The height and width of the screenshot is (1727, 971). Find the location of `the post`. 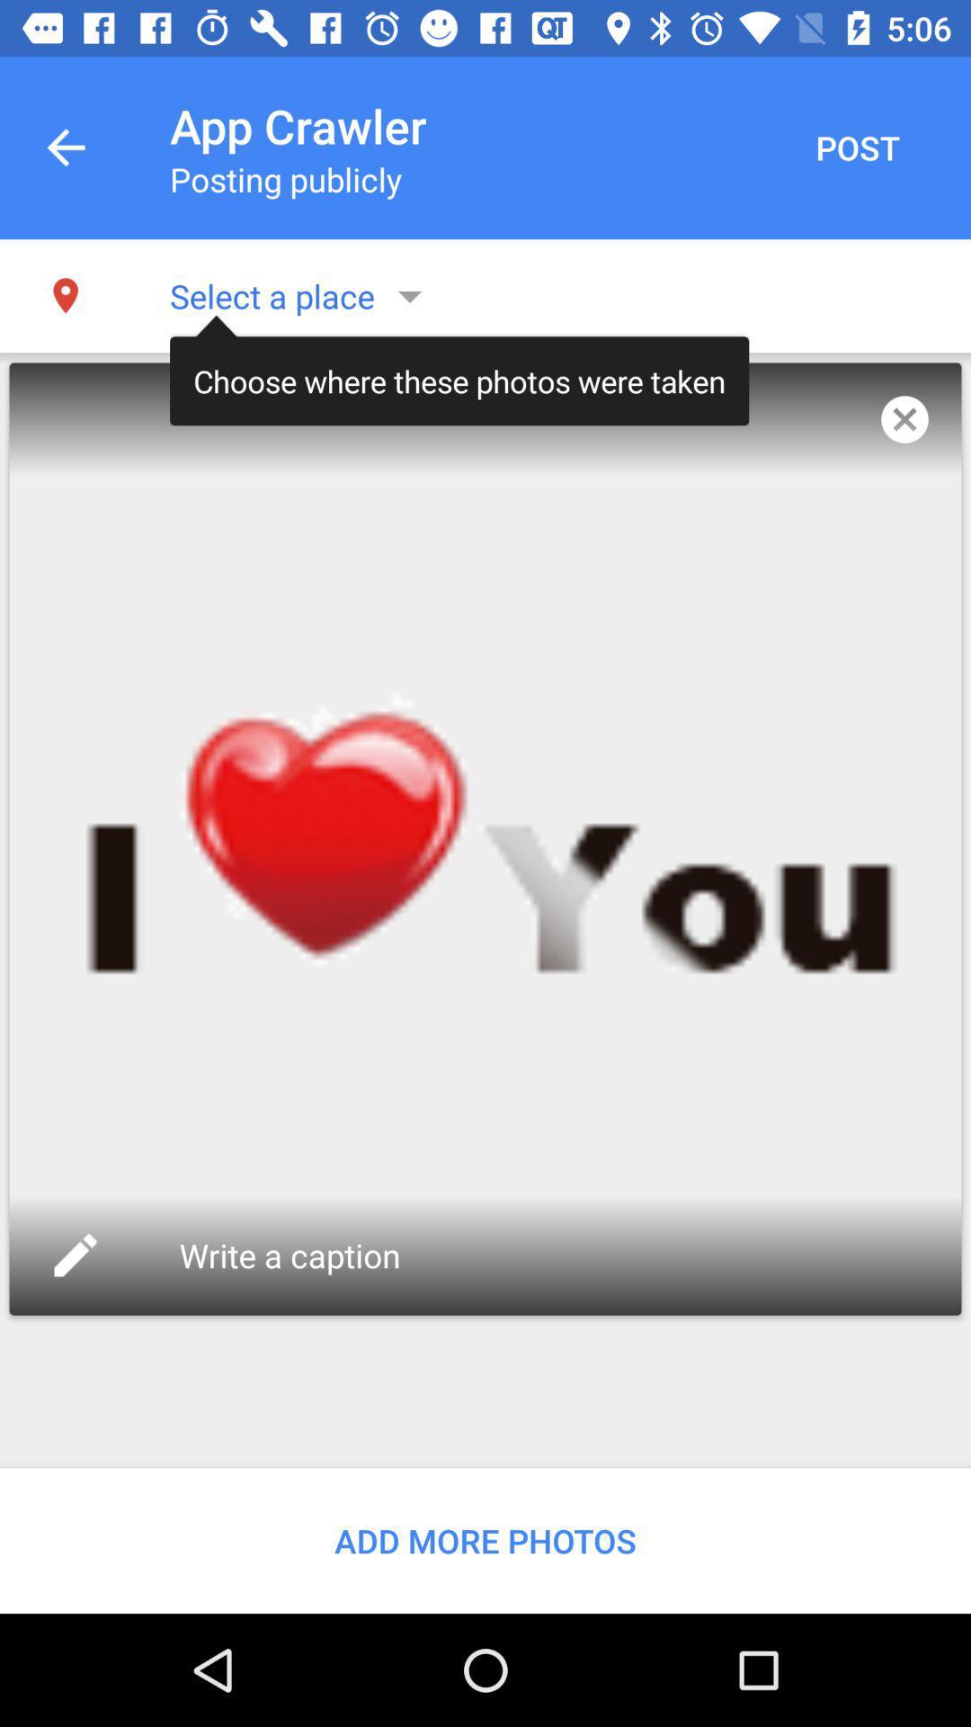

the post is located at coordinates (856, 148).